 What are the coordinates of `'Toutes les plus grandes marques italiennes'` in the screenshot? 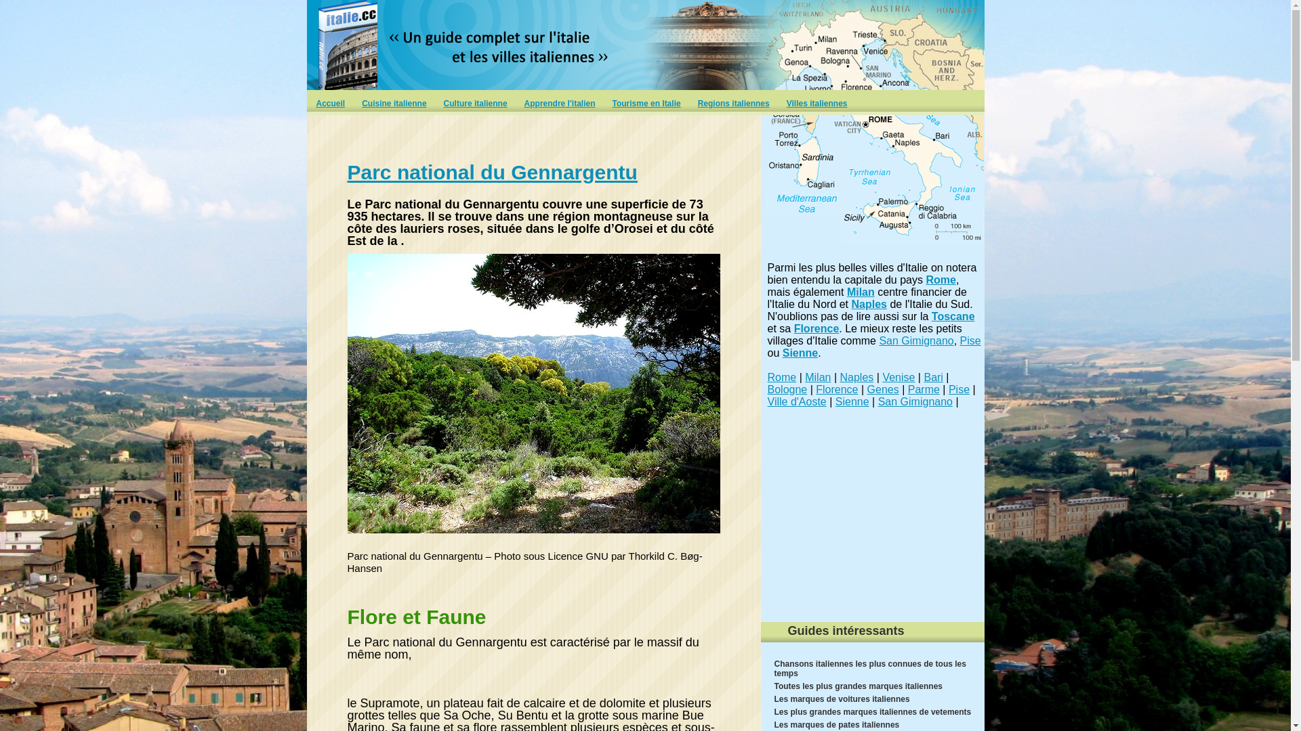 It's located at (774, 686).